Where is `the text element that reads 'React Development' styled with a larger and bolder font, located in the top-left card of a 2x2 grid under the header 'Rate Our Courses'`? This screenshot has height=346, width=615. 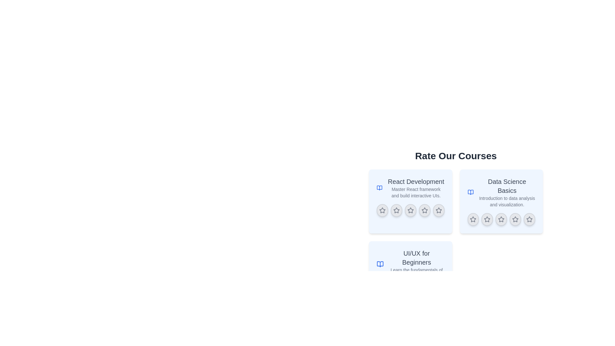
the text element that reads 'React Development' styled with a larger and bolder font, located in the top-left card of a 2x2 grid under the header 'Rate Our Courses' is located at coordinates (416, 187).